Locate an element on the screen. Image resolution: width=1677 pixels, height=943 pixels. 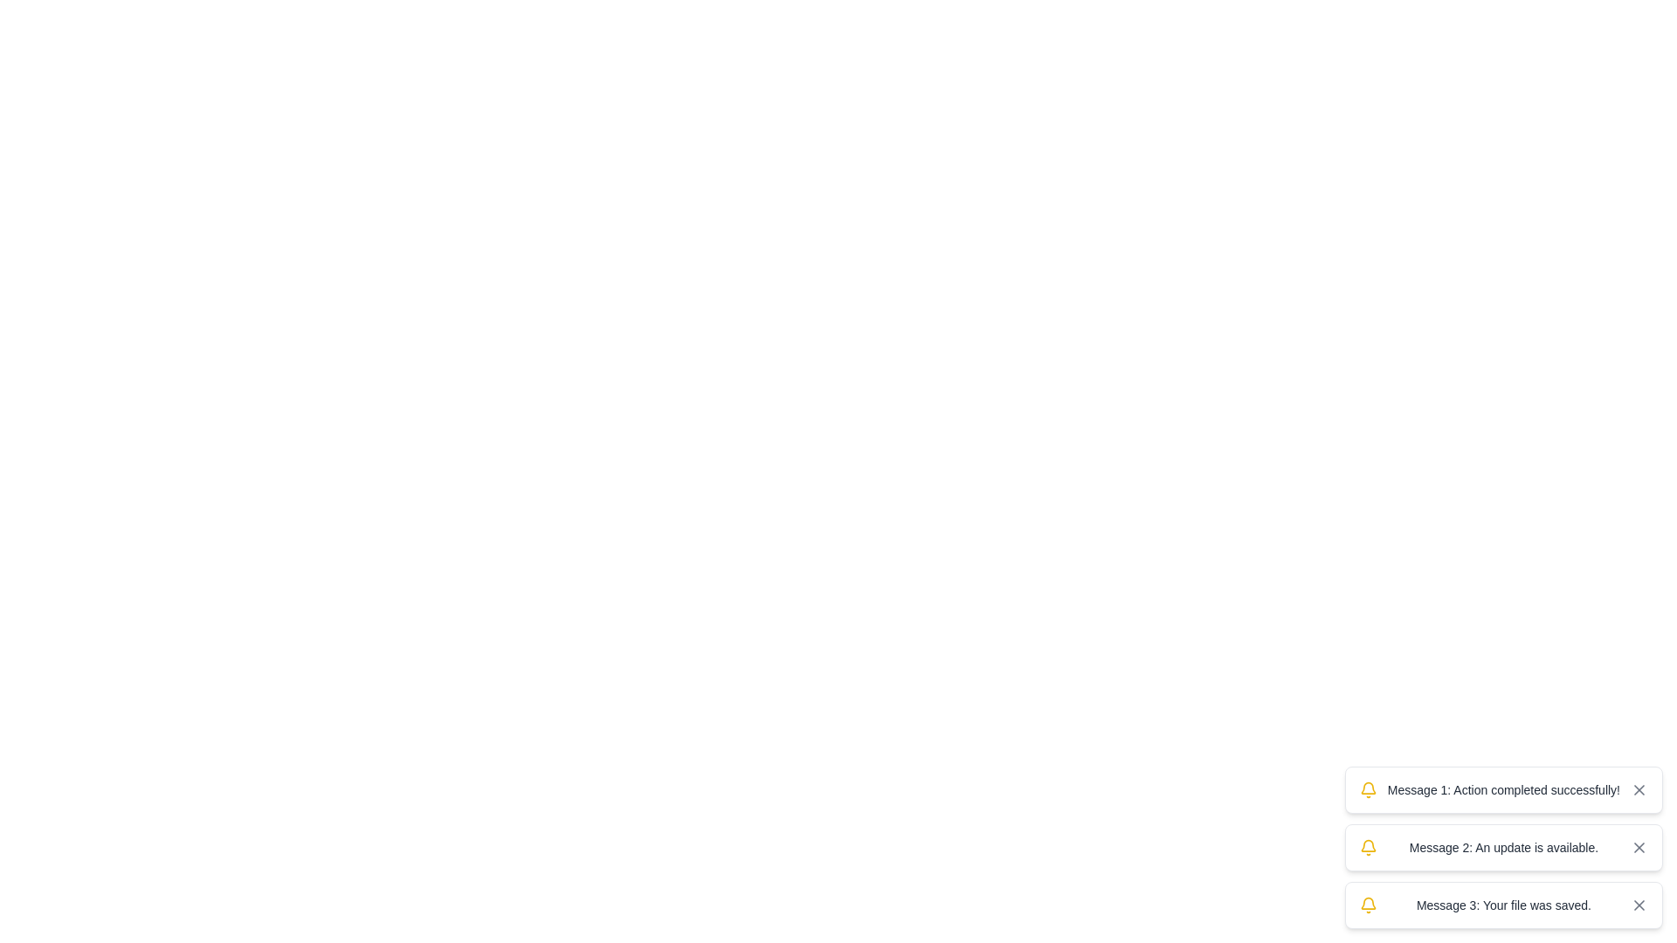
the gray 'X' button on the far-right side of the notification message 'Message 1: Action completed successfully!' is located at coordinates (1638, 790).